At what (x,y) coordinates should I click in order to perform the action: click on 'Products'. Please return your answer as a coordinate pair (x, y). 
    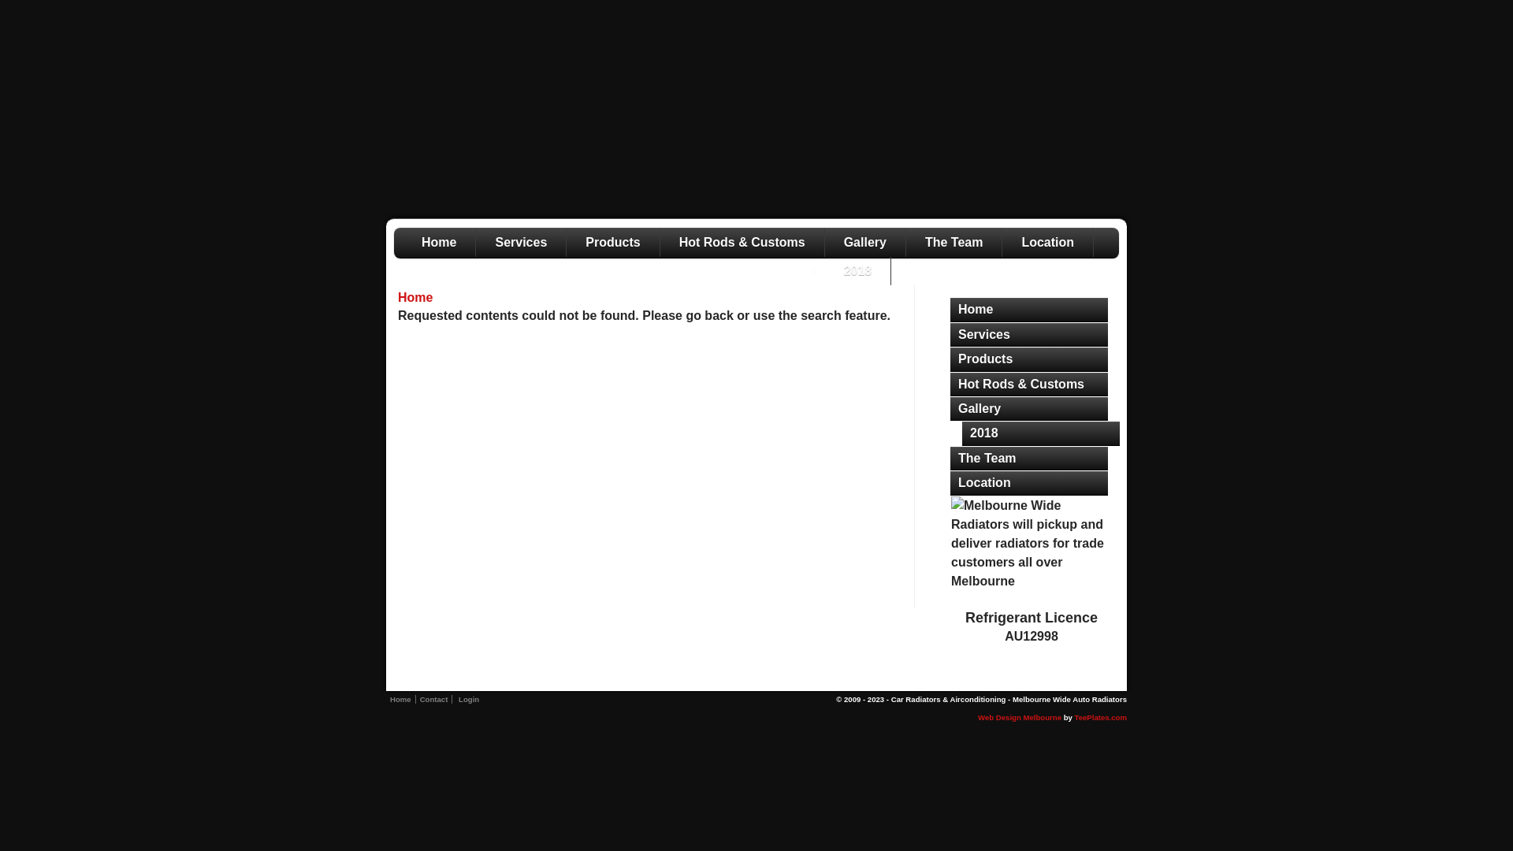
    Looking at the image, I should click on (612, 243).